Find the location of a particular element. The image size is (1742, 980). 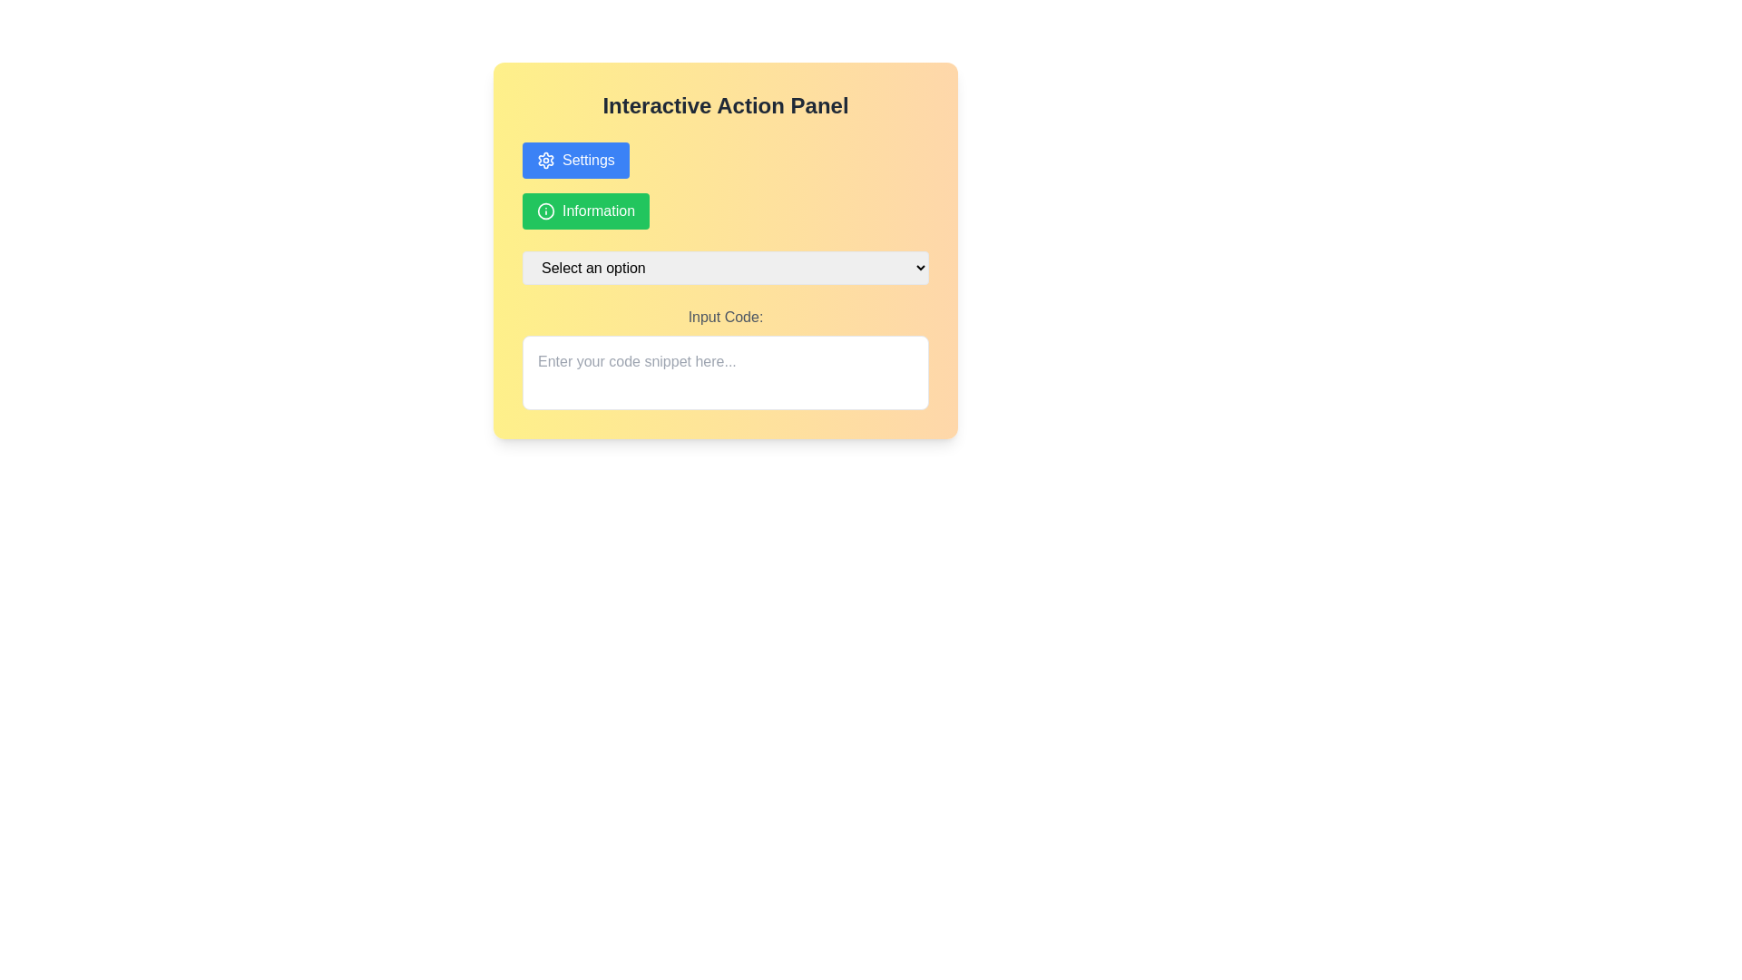

the gear-like icon that symbolizes settings, located to the left of the 'Settings' text inside the blue button is located at coordinates (544, 160).